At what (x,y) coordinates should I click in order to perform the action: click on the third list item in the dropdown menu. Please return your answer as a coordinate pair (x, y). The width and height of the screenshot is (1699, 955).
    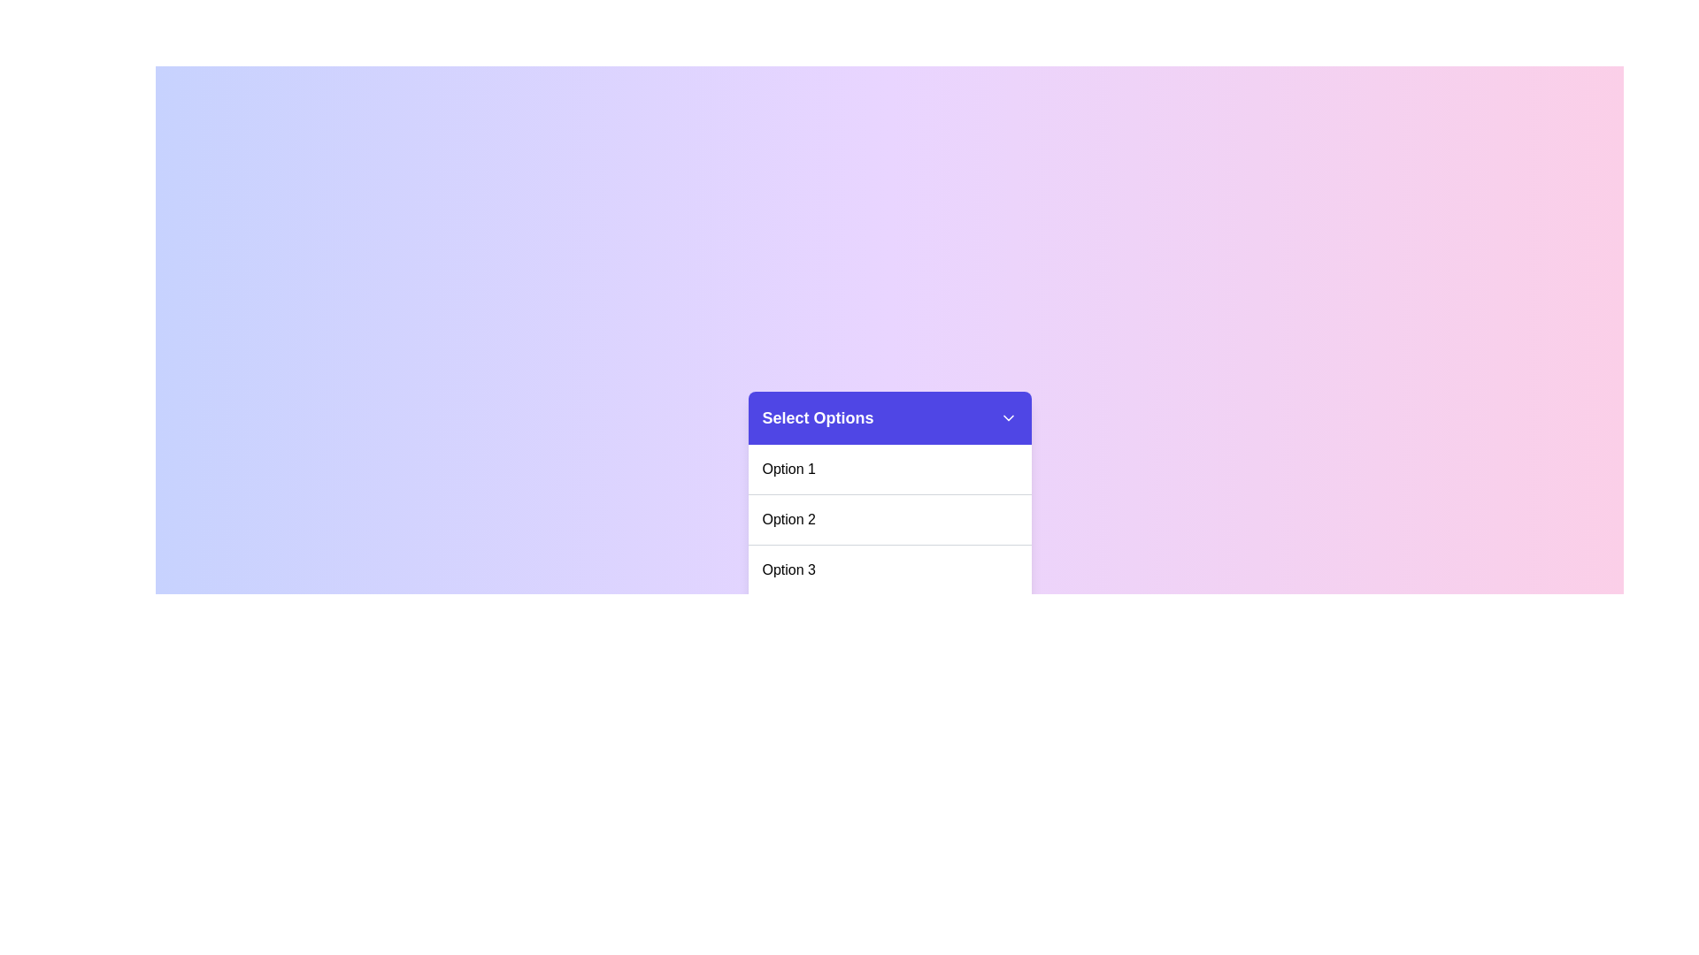
    Looking at the image, I should click on (889, 569).